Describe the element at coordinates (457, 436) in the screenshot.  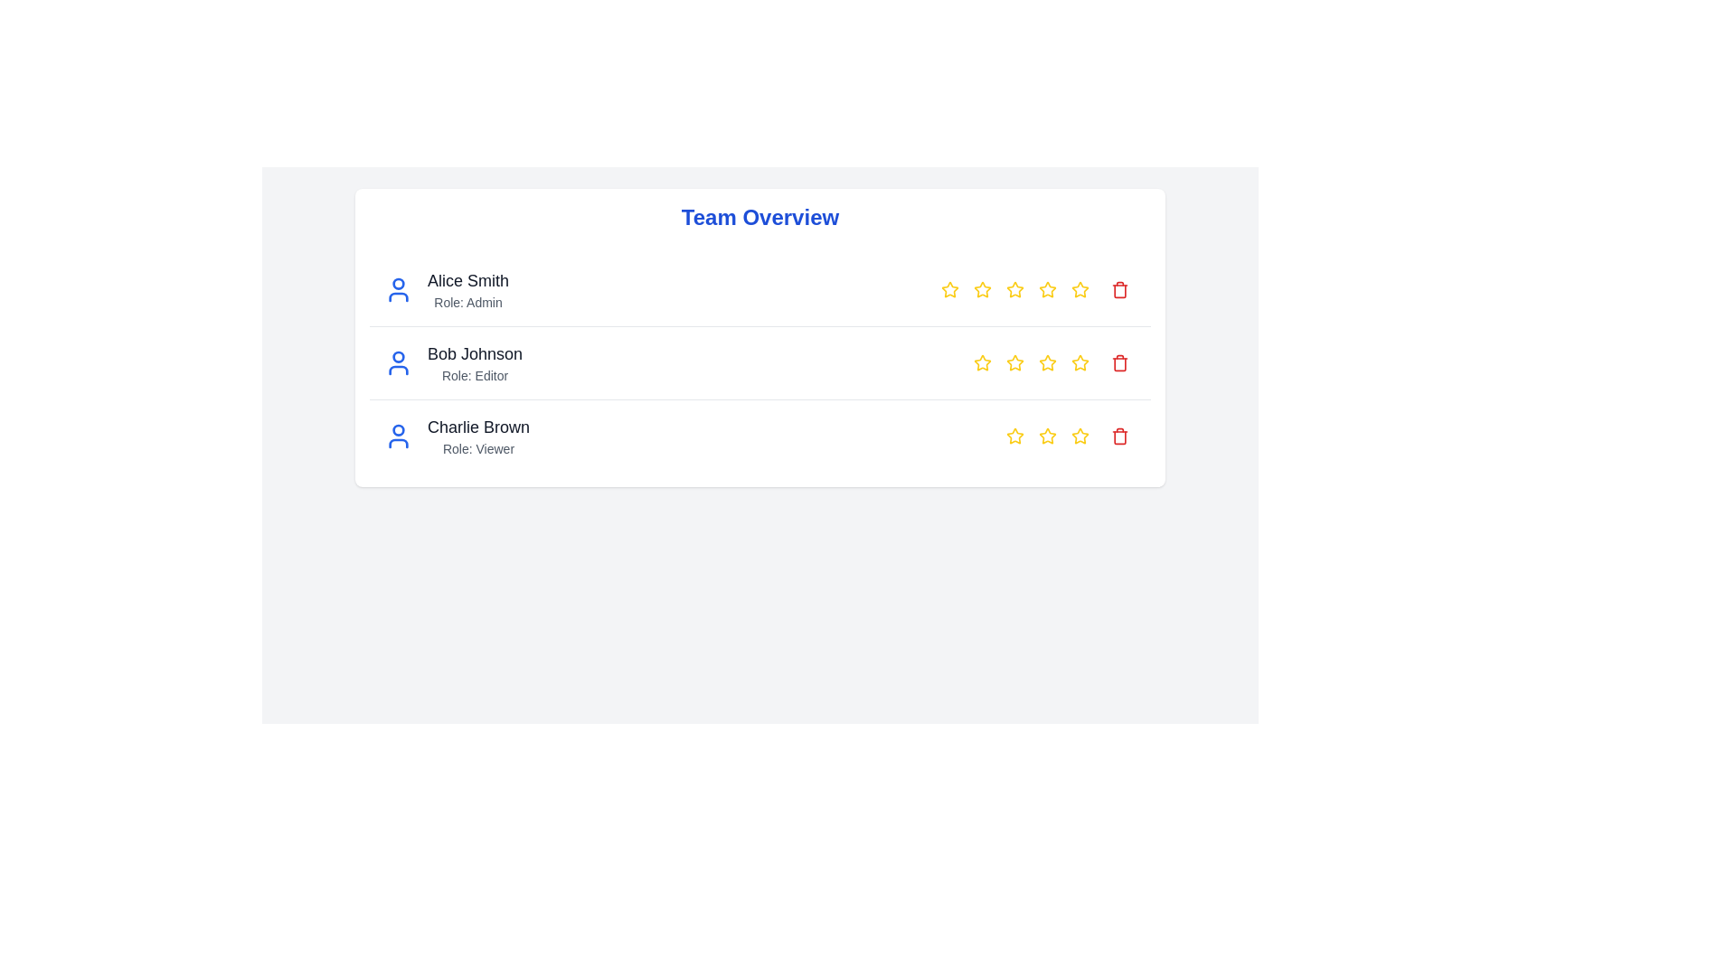
I see `the informational display row for 'Charlie Brown', which includes a blue silhouette icon on the left and text indicating 'Role: Viewer' below the name, positioned in the 'Team Overview' section` at that location.